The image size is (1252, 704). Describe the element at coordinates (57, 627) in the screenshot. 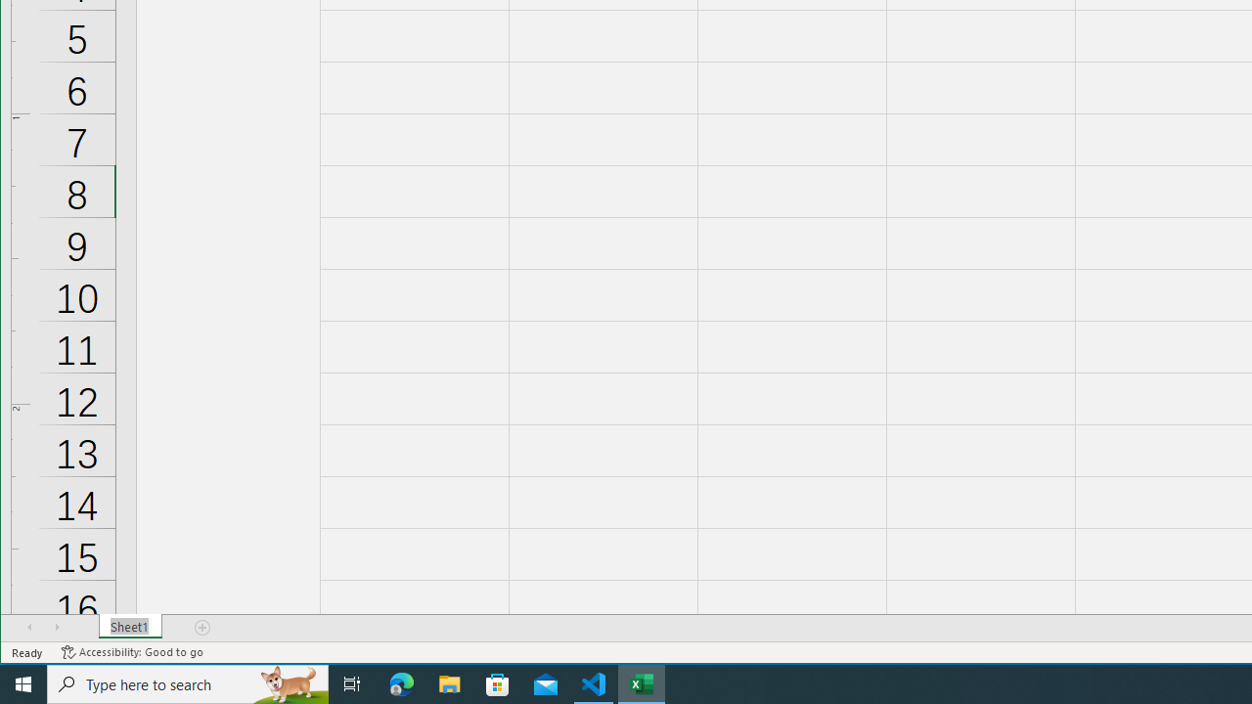

I see `'Scroll Right'` at that location.